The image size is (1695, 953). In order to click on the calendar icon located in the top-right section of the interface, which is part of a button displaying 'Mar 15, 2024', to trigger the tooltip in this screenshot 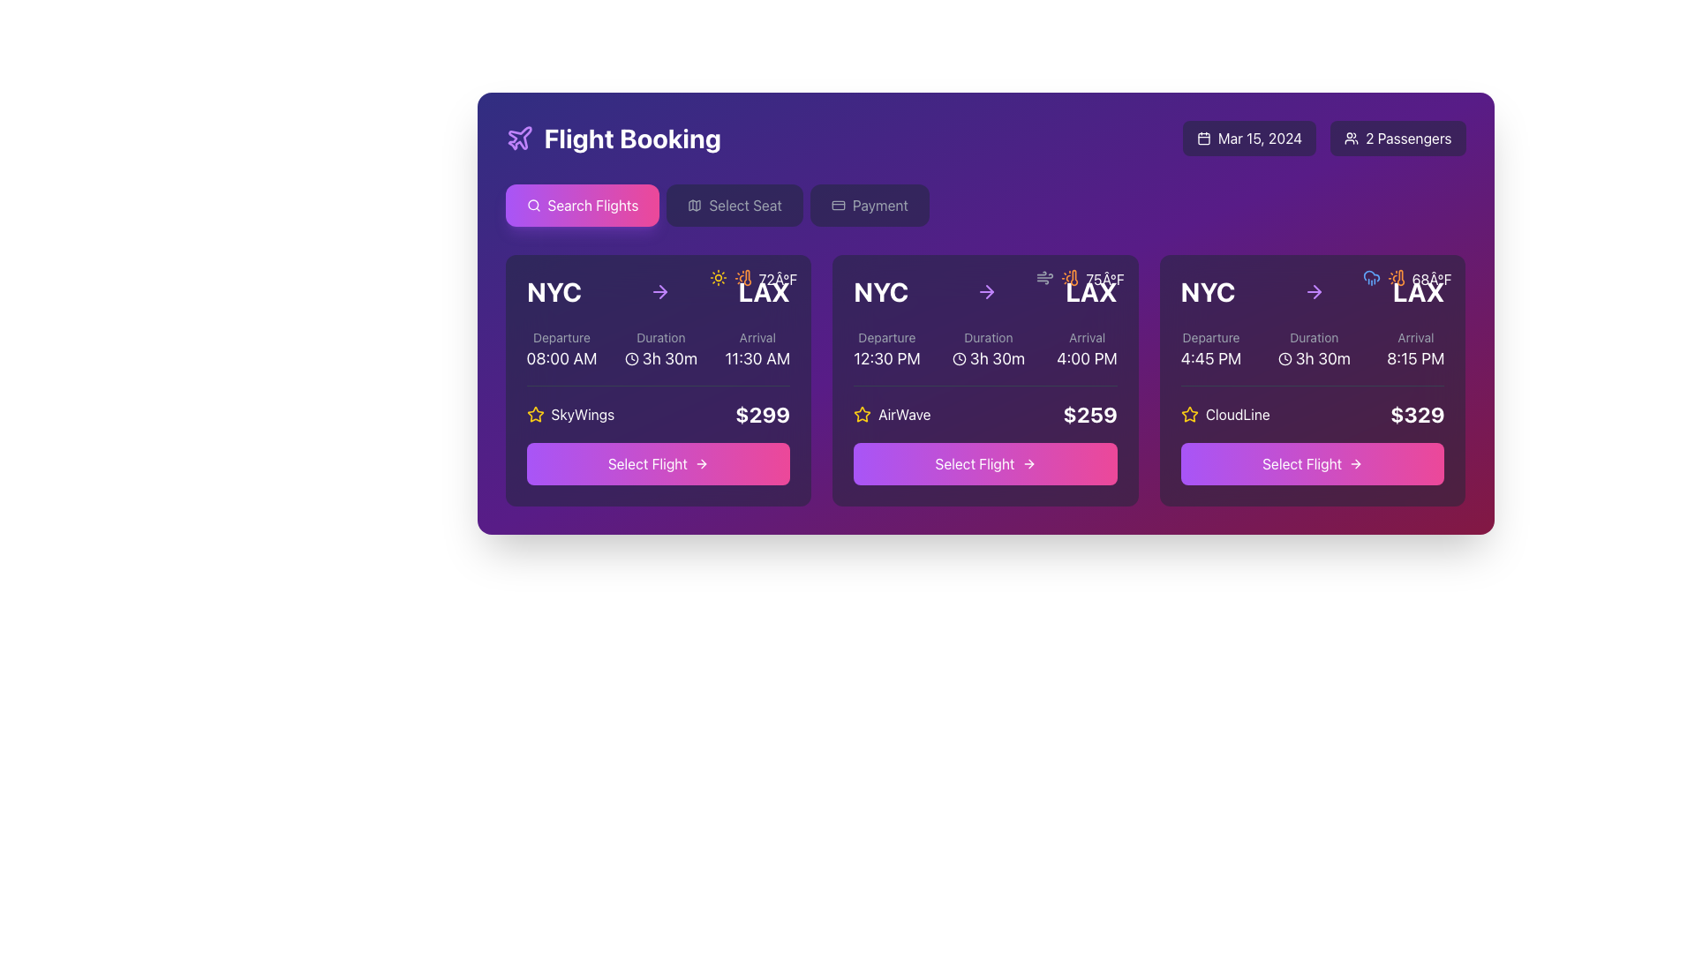, I will do `click(1202, 138)`.